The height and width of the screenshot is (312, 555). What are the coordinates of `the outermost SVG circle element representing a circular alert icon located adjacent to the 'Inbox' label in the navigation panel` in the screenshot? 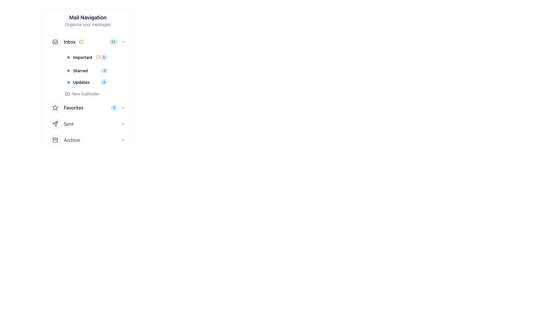 It's located at (81, 42).